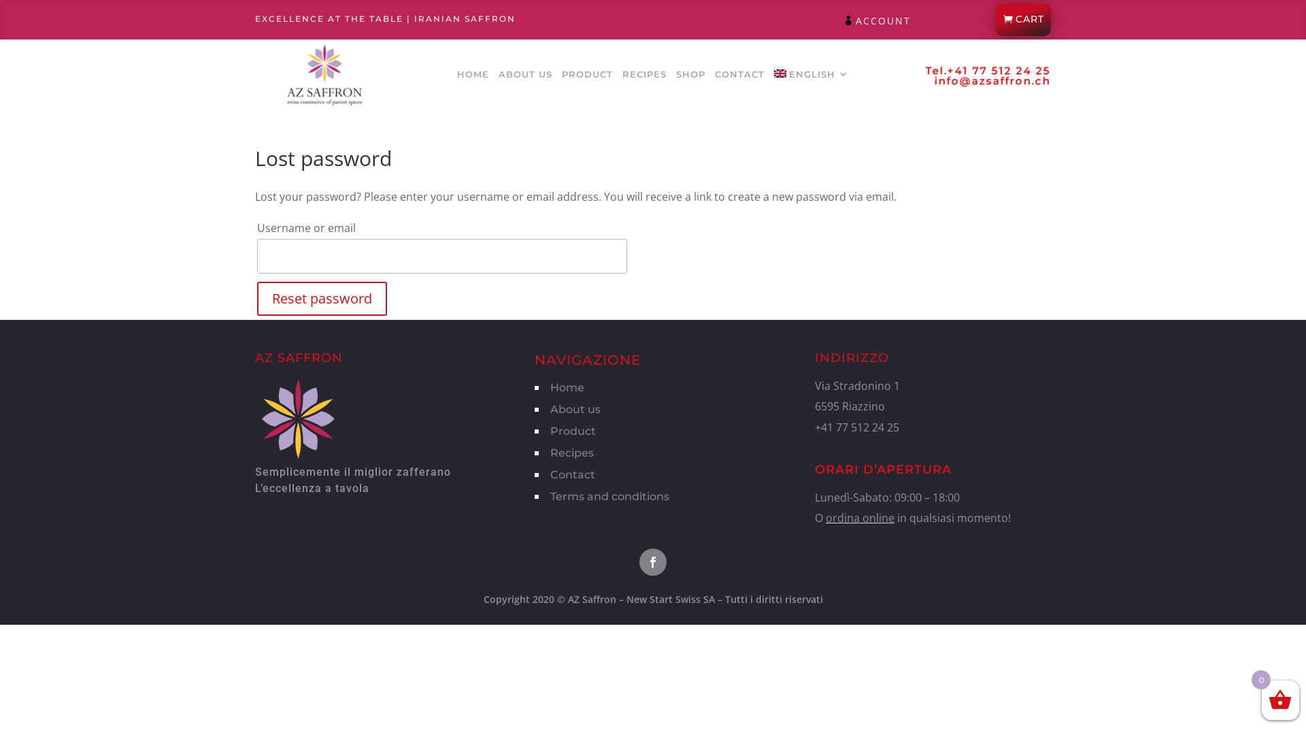  Describe the element at coordinates (883, 20) in the screenshot. I see `'ACCOUNT'` at that location.